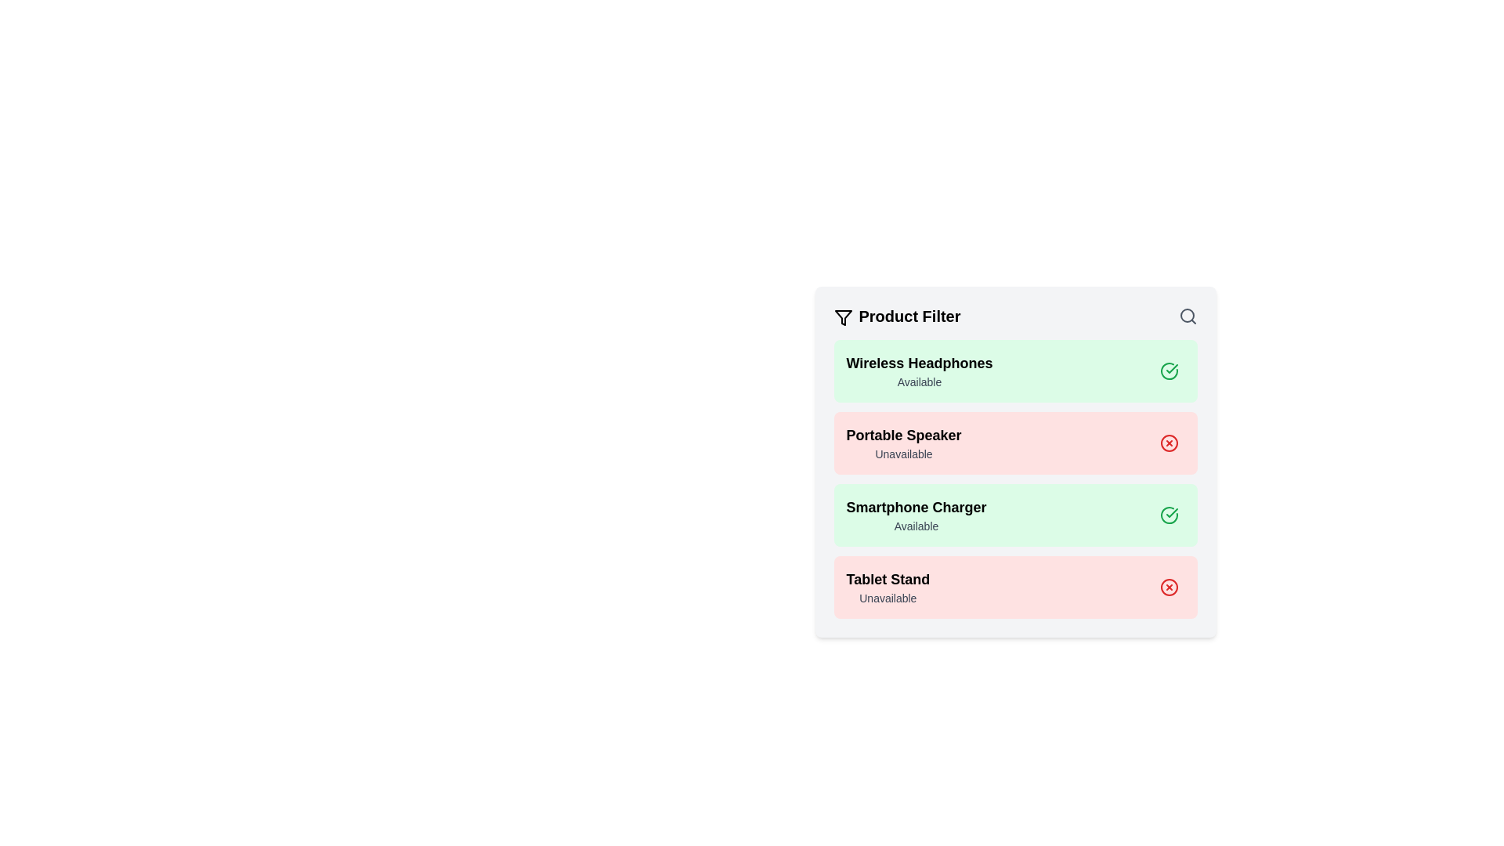 This screenshot has width=1504, height=846. What do you see at coordinates (1169, 515) in the screenshot?
I see `the green checkmark icon indicating the availability of the 'Smartphone Charger' to interact with it` at bounding box center [1169, 515].